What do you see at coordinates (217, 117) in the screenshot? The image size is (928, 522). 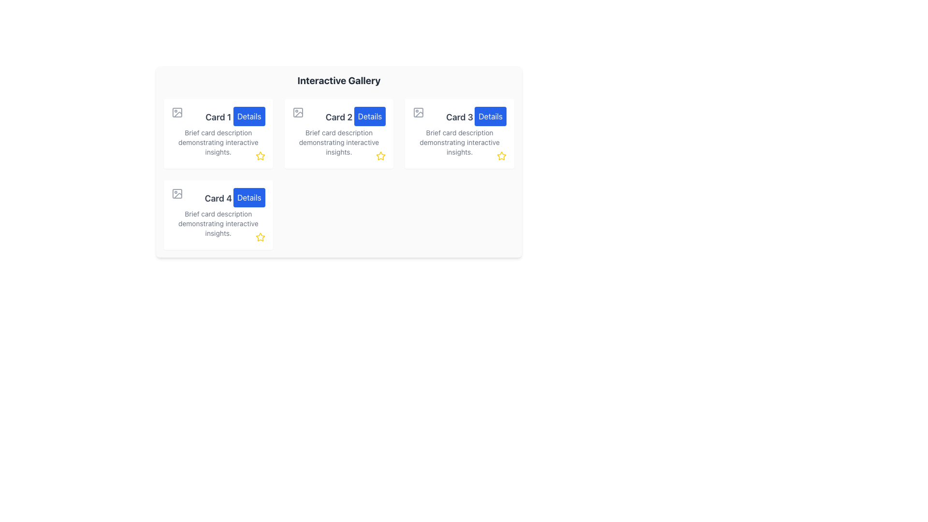 I see `the Text label serving as the title for the card located in the top-left corner of the grid layout` at bounding box center [217, 117].